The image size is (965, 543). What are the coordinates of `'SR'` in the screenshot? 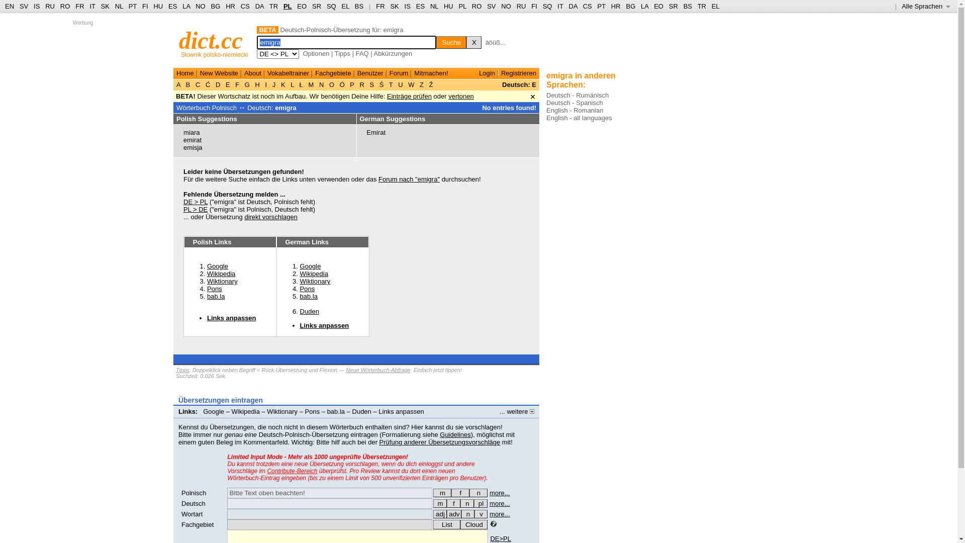 It's located at (316, 6).